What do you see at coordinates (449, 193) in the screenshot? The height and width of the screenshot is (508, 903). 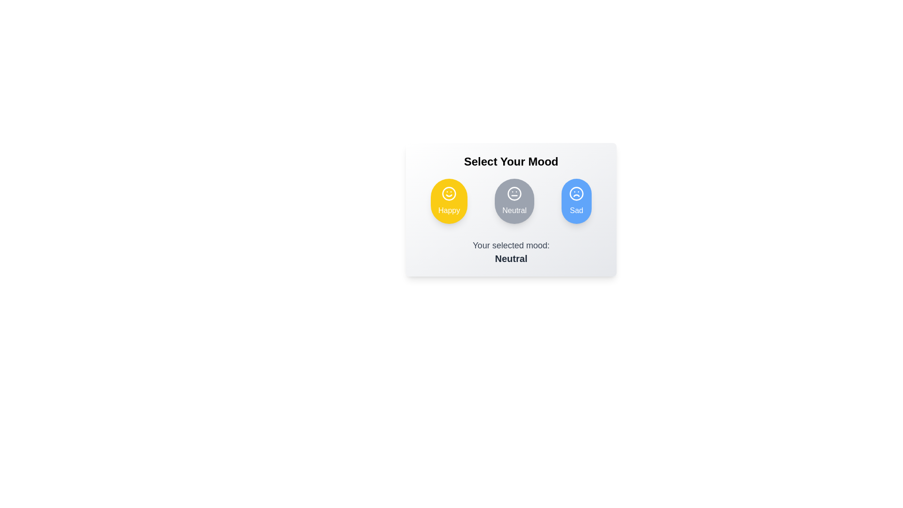 I see `the yellow circular button labeled 'Happy', which is the leftmost mood-selection button under the heading 'Select Your Mood'` at bounding box center [449, 193].